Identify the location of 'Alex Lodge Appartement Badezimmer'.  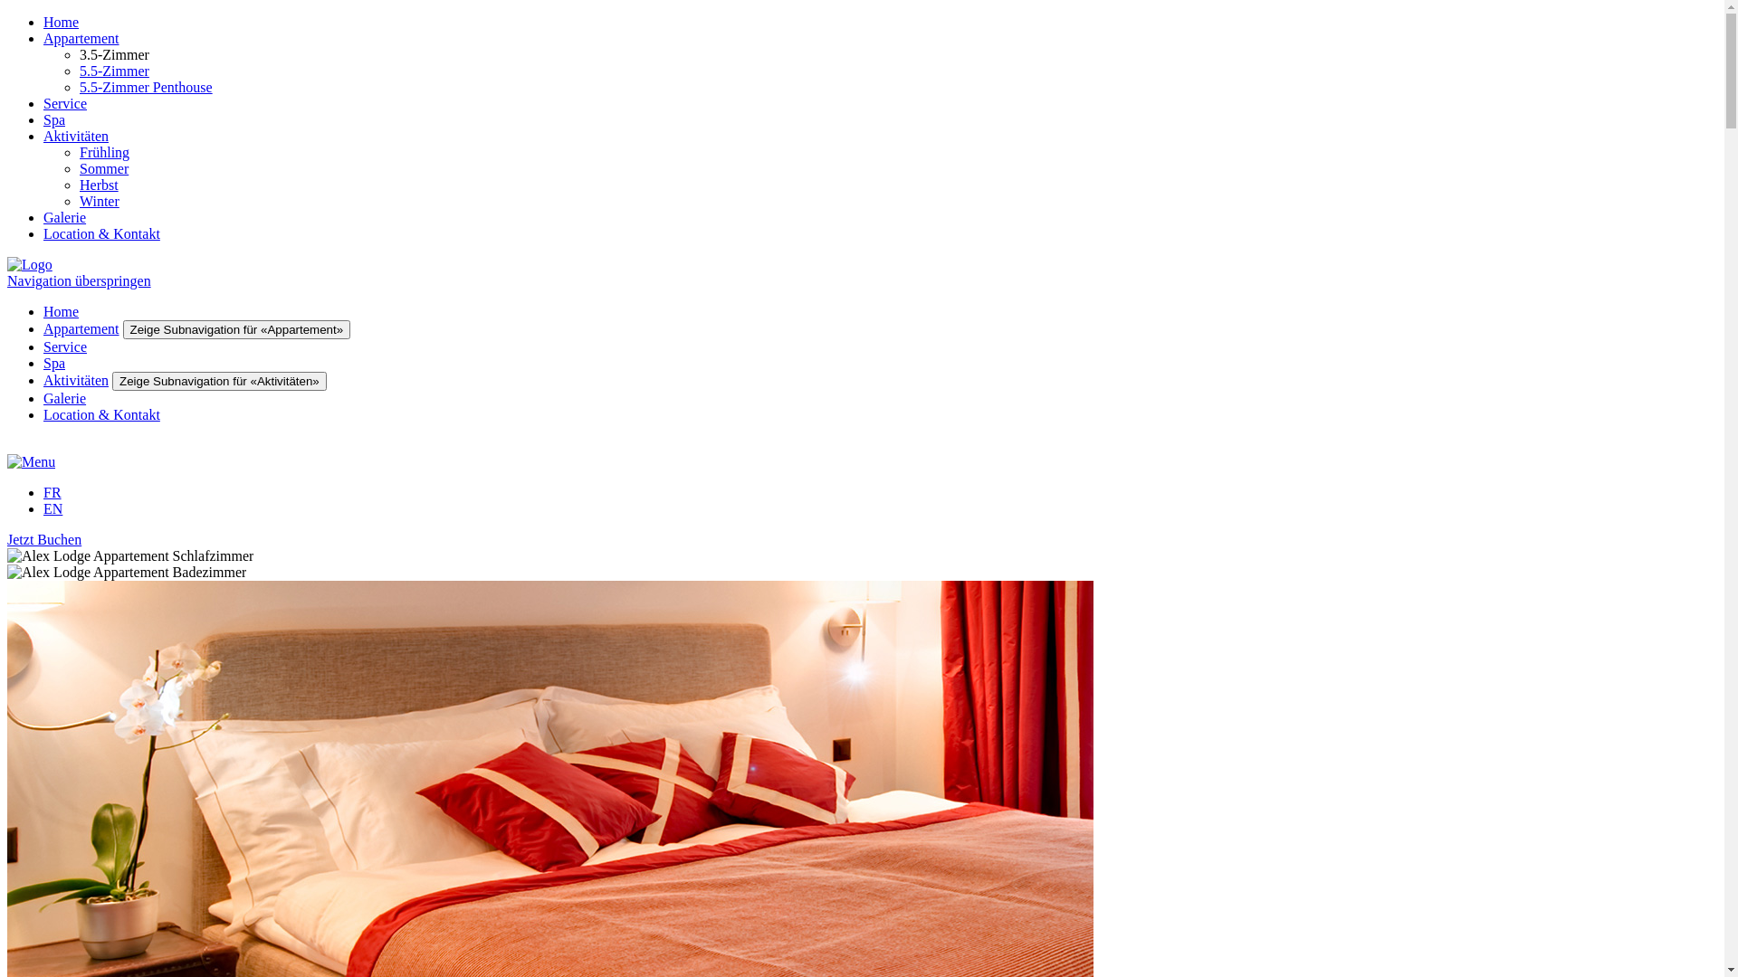
(7, 572).